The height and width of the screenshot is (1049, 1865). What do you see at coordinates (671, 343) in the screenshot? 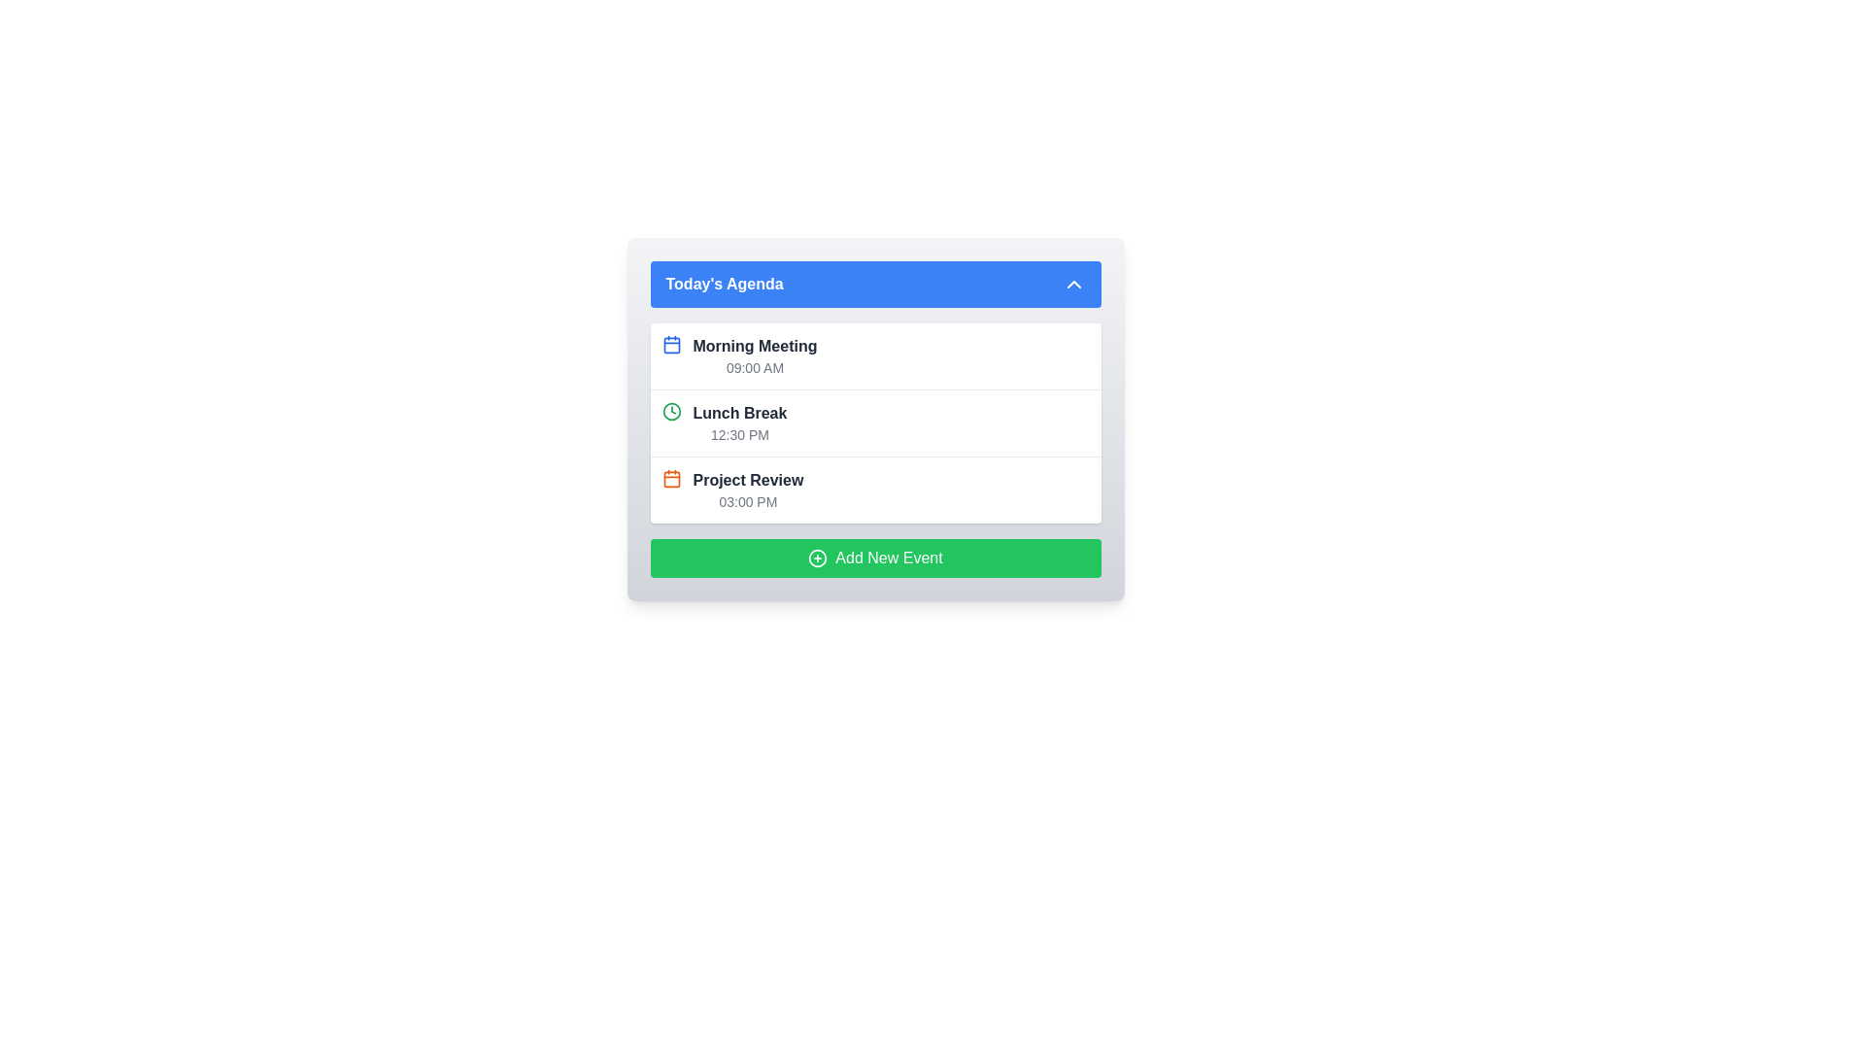
I see `the calendar icon located to the left of the 'Morning Meeting' text label, which is the first icon in the list of agenda items` at bounding box center [671, 343].